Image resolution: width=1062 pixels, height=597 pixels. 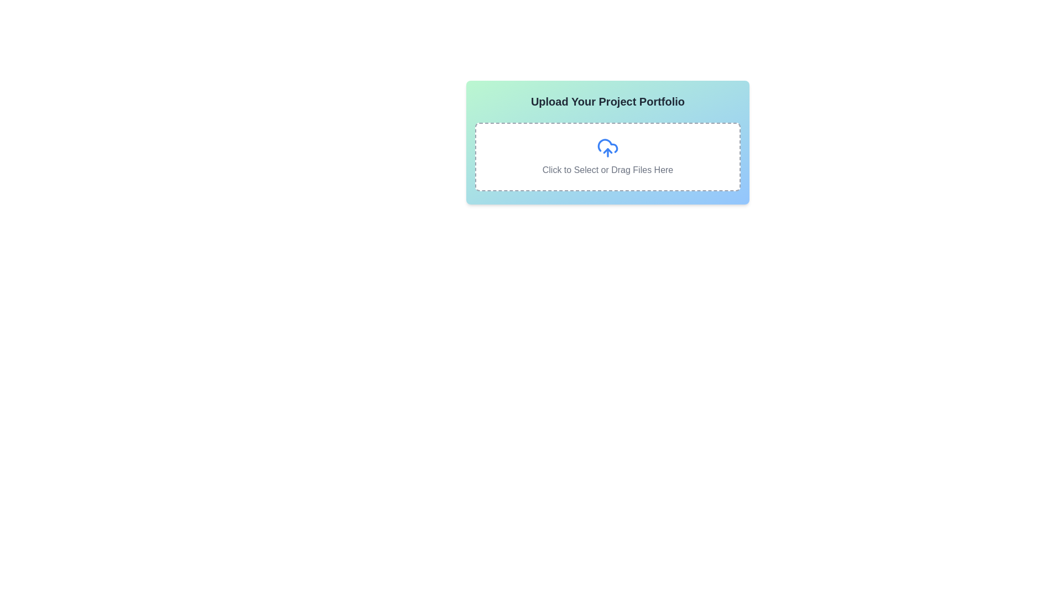 I want to click on files over the cloud icon with an upward-facing arrow for upload, which is located at the center of the dotted rectangle above the text 'Click, so click(x=607, y=147).